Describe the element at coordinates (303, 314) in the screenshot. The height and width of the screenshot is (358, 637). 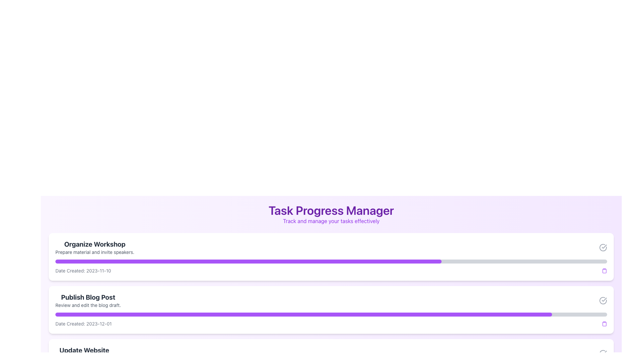
I see `the progress bar that visually represents the task completion percentage for the 'Publish Blog Post' task within the 'Task Progress Manager.'` at that location.